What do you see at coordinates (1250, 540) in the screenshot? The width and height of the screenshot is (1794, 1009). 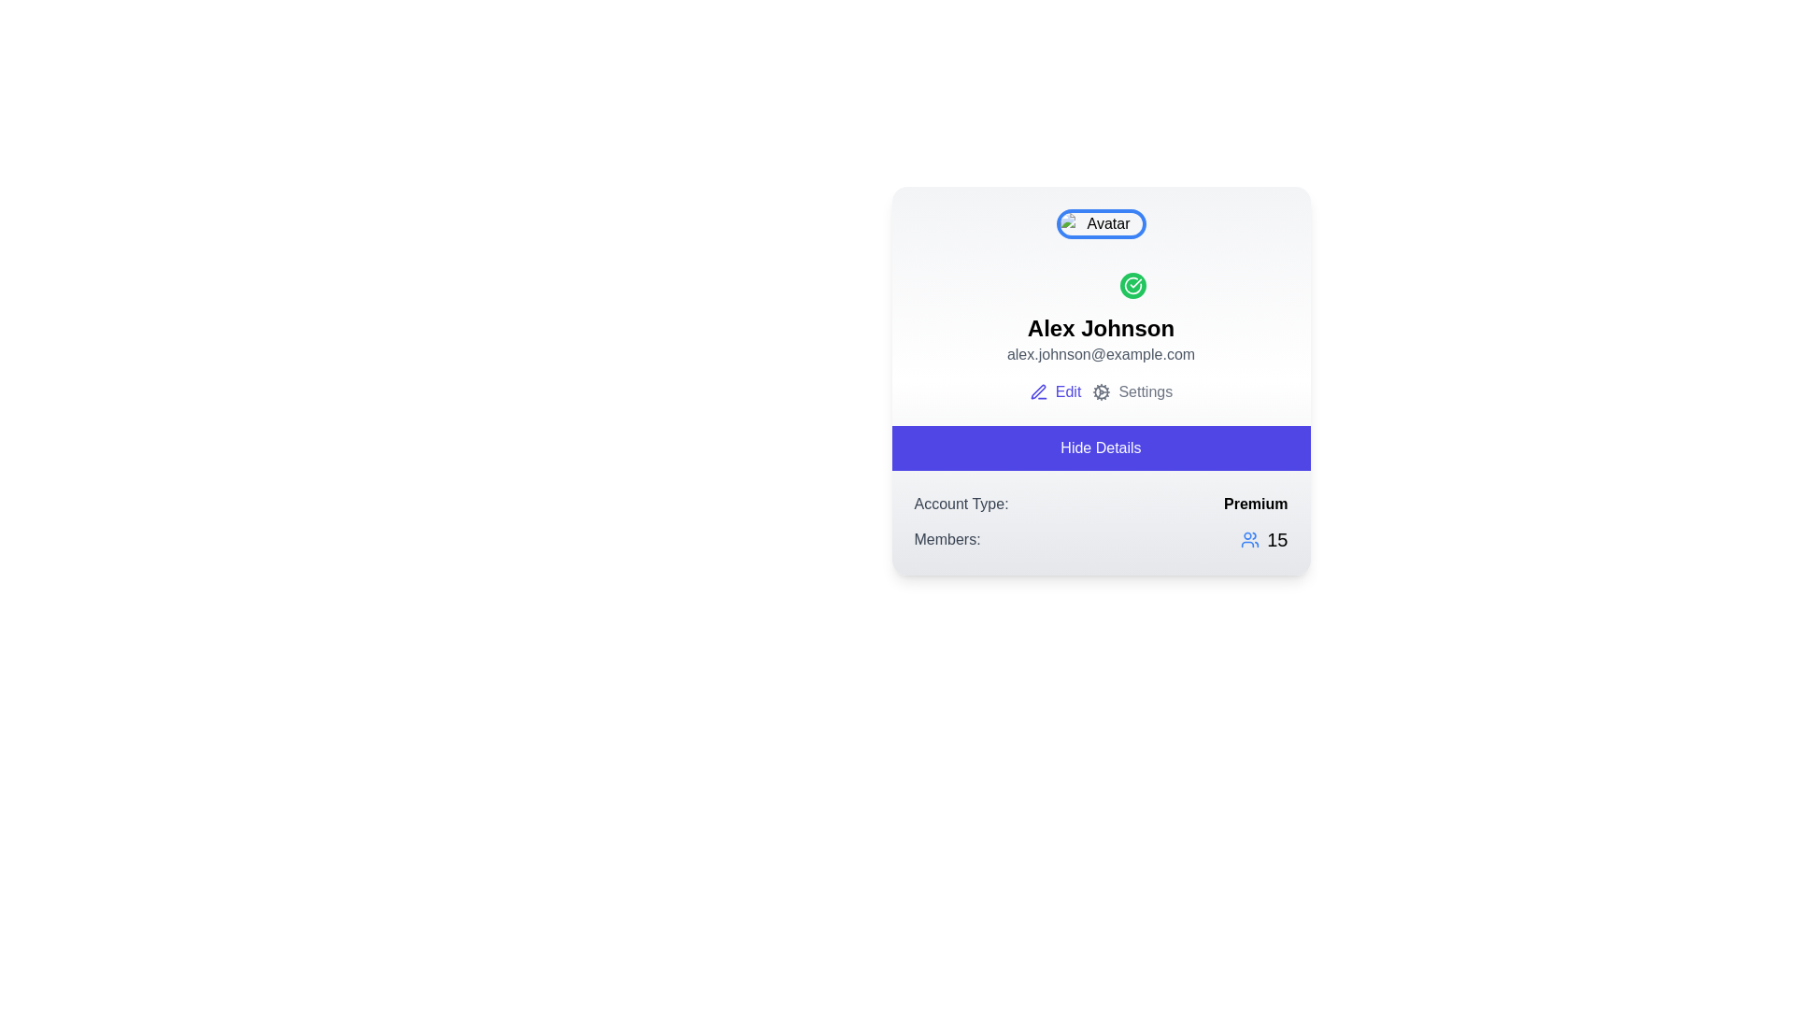 I see `the member icon located to the left of the numeric value '15' in the bottom-right section of the card component` at bounding box center [1250, 540].